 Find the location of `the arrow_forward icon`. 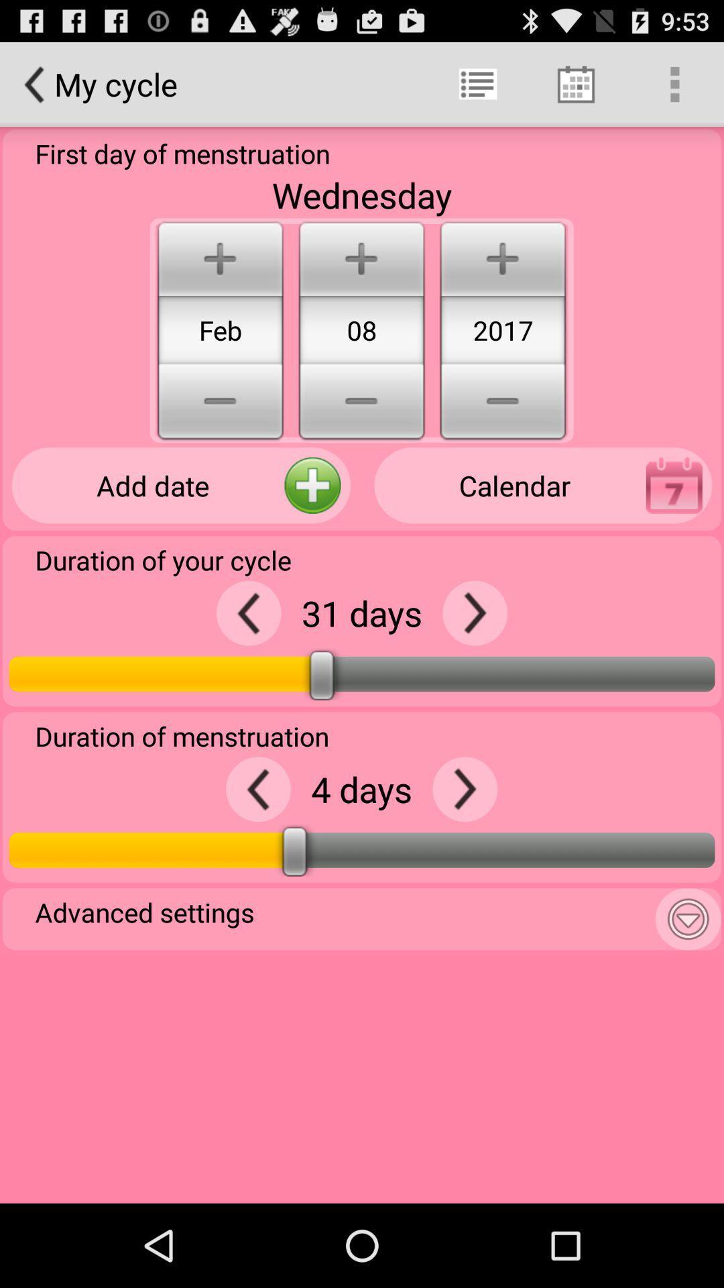

the arrow_forward icon is located at coordinates (474, 656).